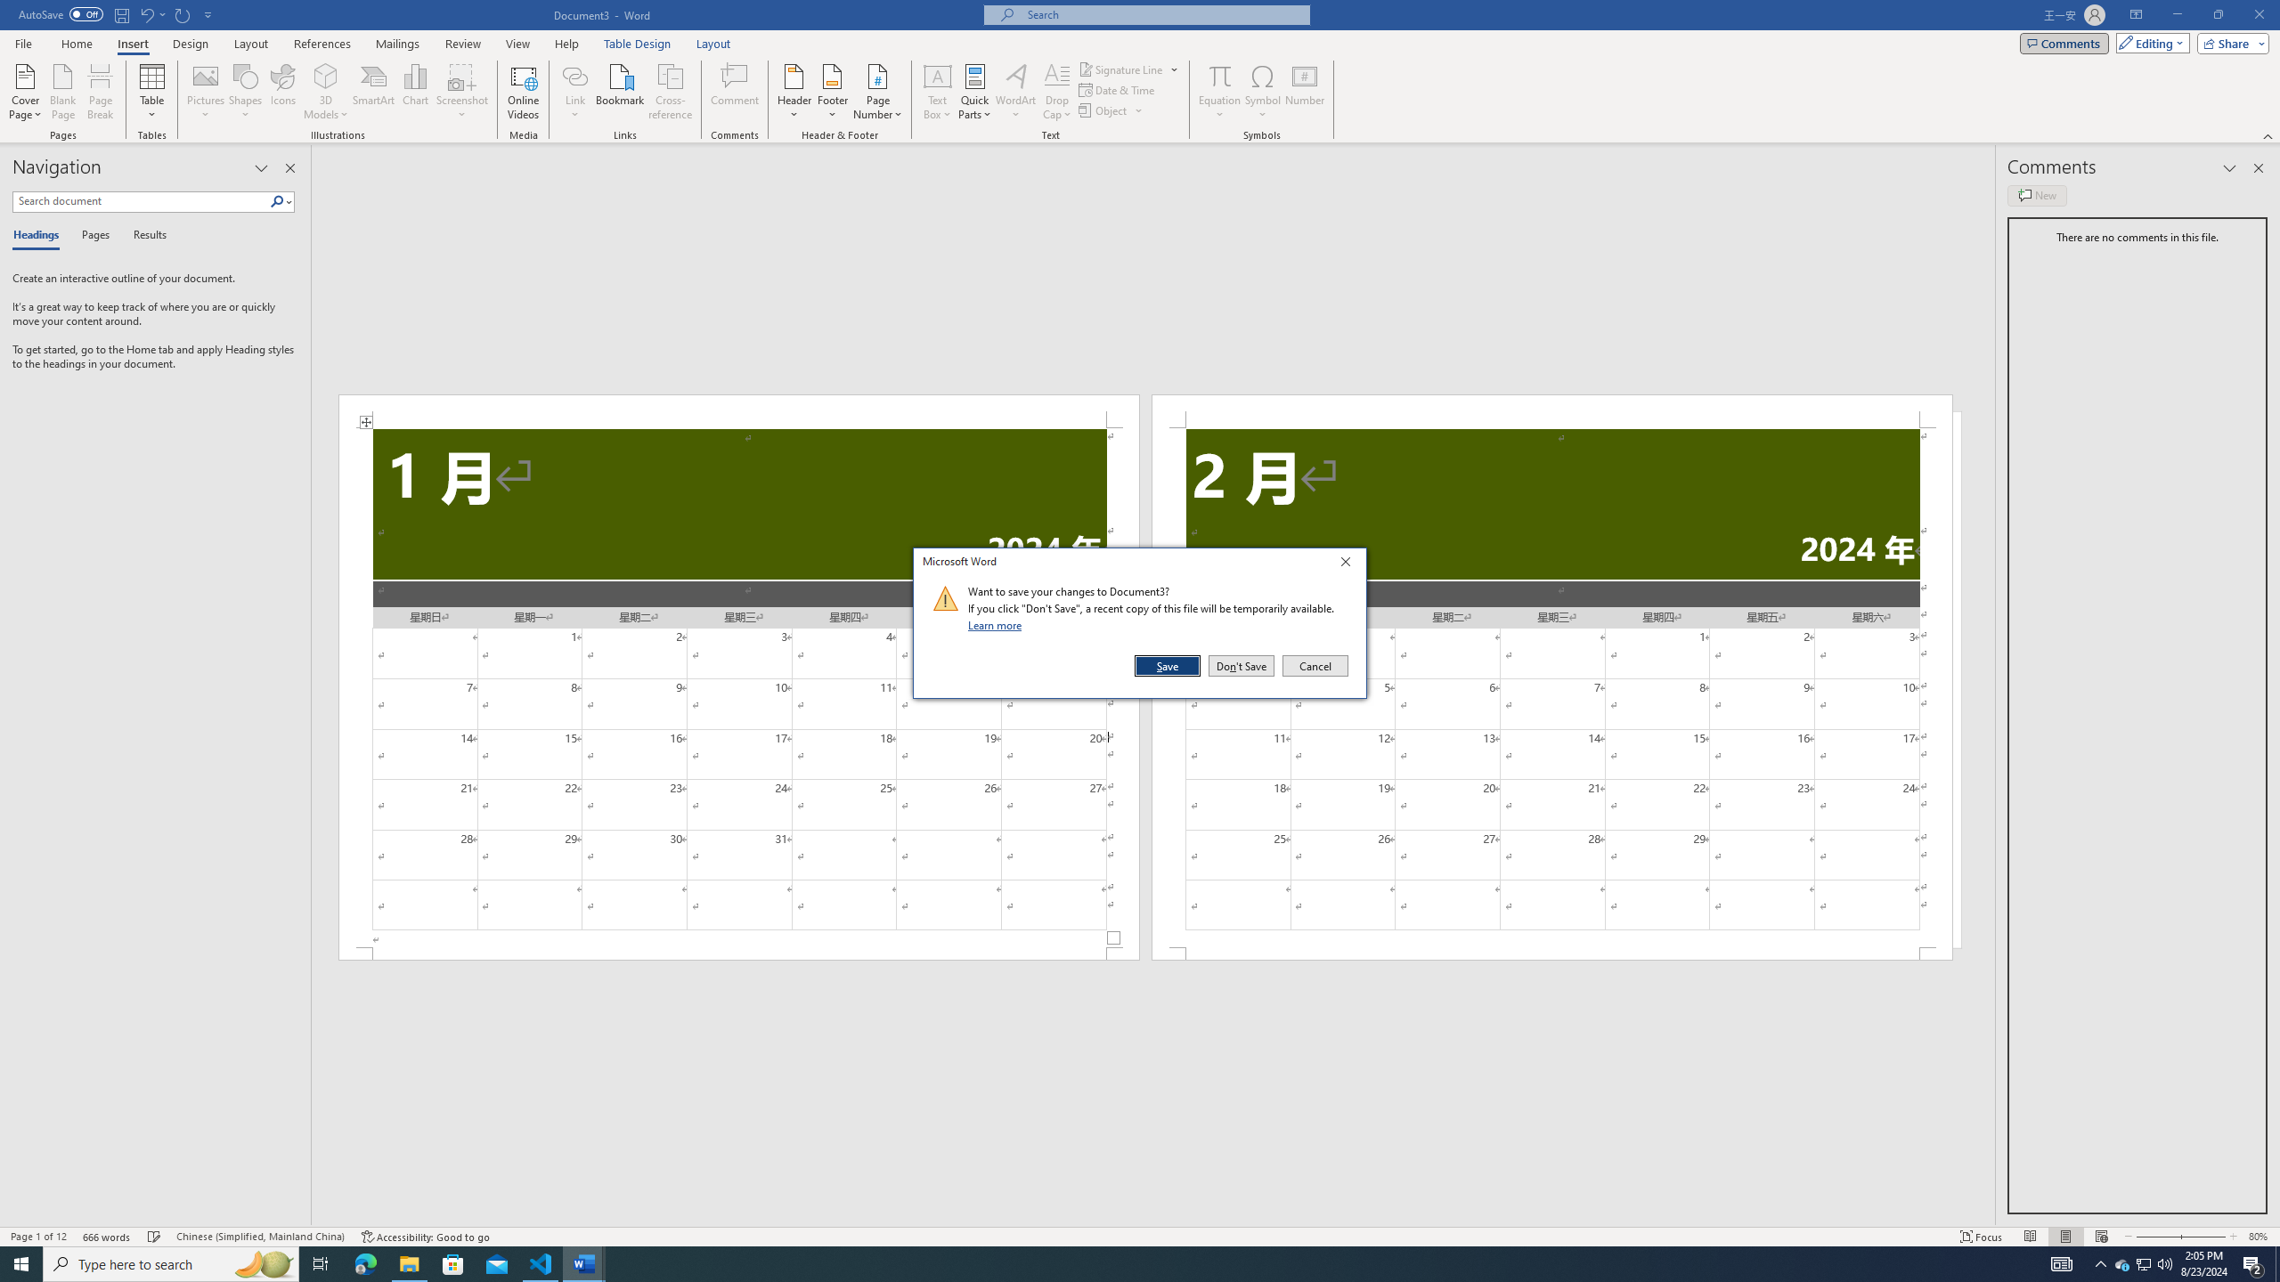 The height and width of the screenshot is (1282, 2280). Describe the element at coordinates (258, 1237) in the screenshot. I see `'Language Chinese (Simplified, Mainland China)'` at that location.